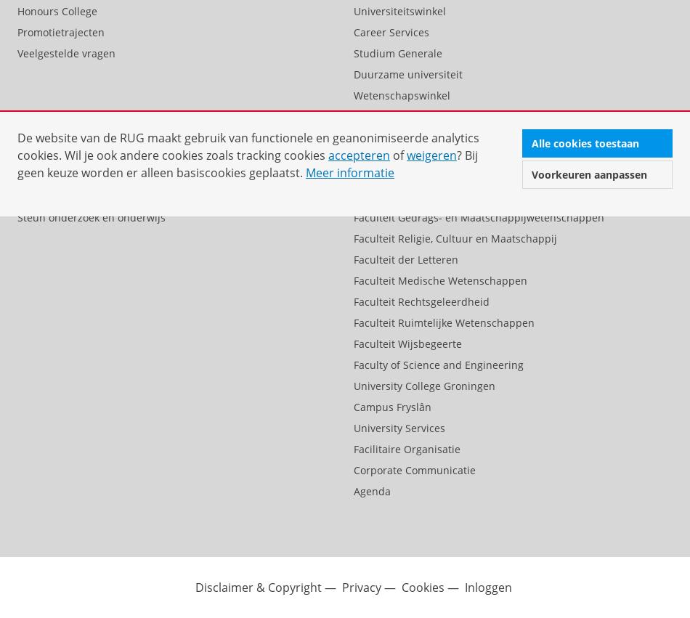  I want to click on 'Alumni', so click(37, 131).